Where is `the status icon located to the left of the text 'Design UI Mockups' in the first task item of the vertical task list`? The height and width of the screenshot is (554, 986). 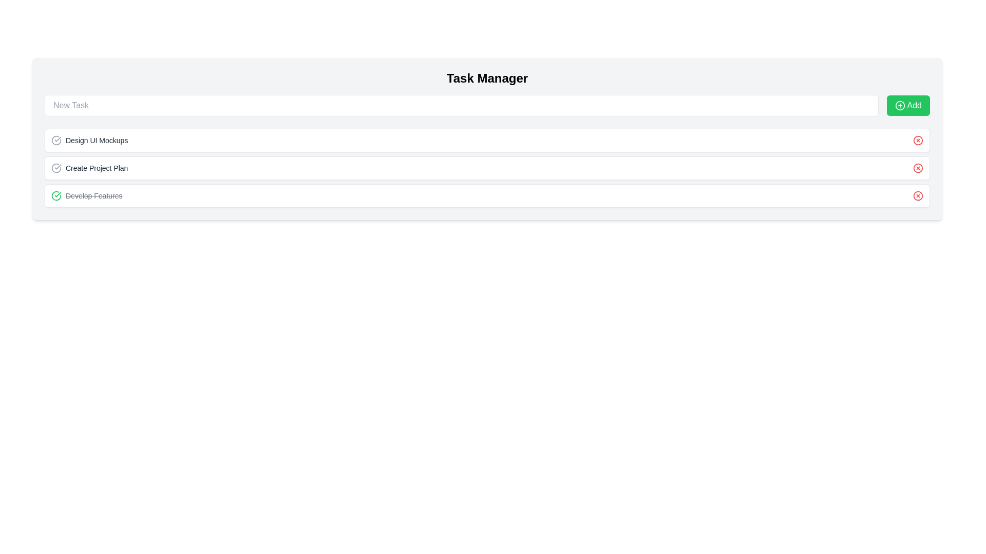 the status icon located to the left of the text 'Design UI Mockups' in the first task item of the vertical task list is located at coordinates (56, 140).